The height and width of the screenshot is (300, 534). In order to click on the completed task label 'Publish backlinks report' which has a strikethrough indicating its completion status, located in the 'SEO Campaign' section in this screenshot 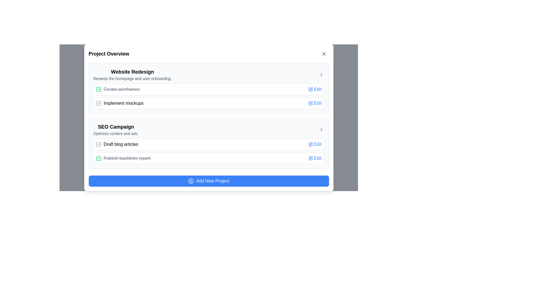, I will do `click(123, 158)`.